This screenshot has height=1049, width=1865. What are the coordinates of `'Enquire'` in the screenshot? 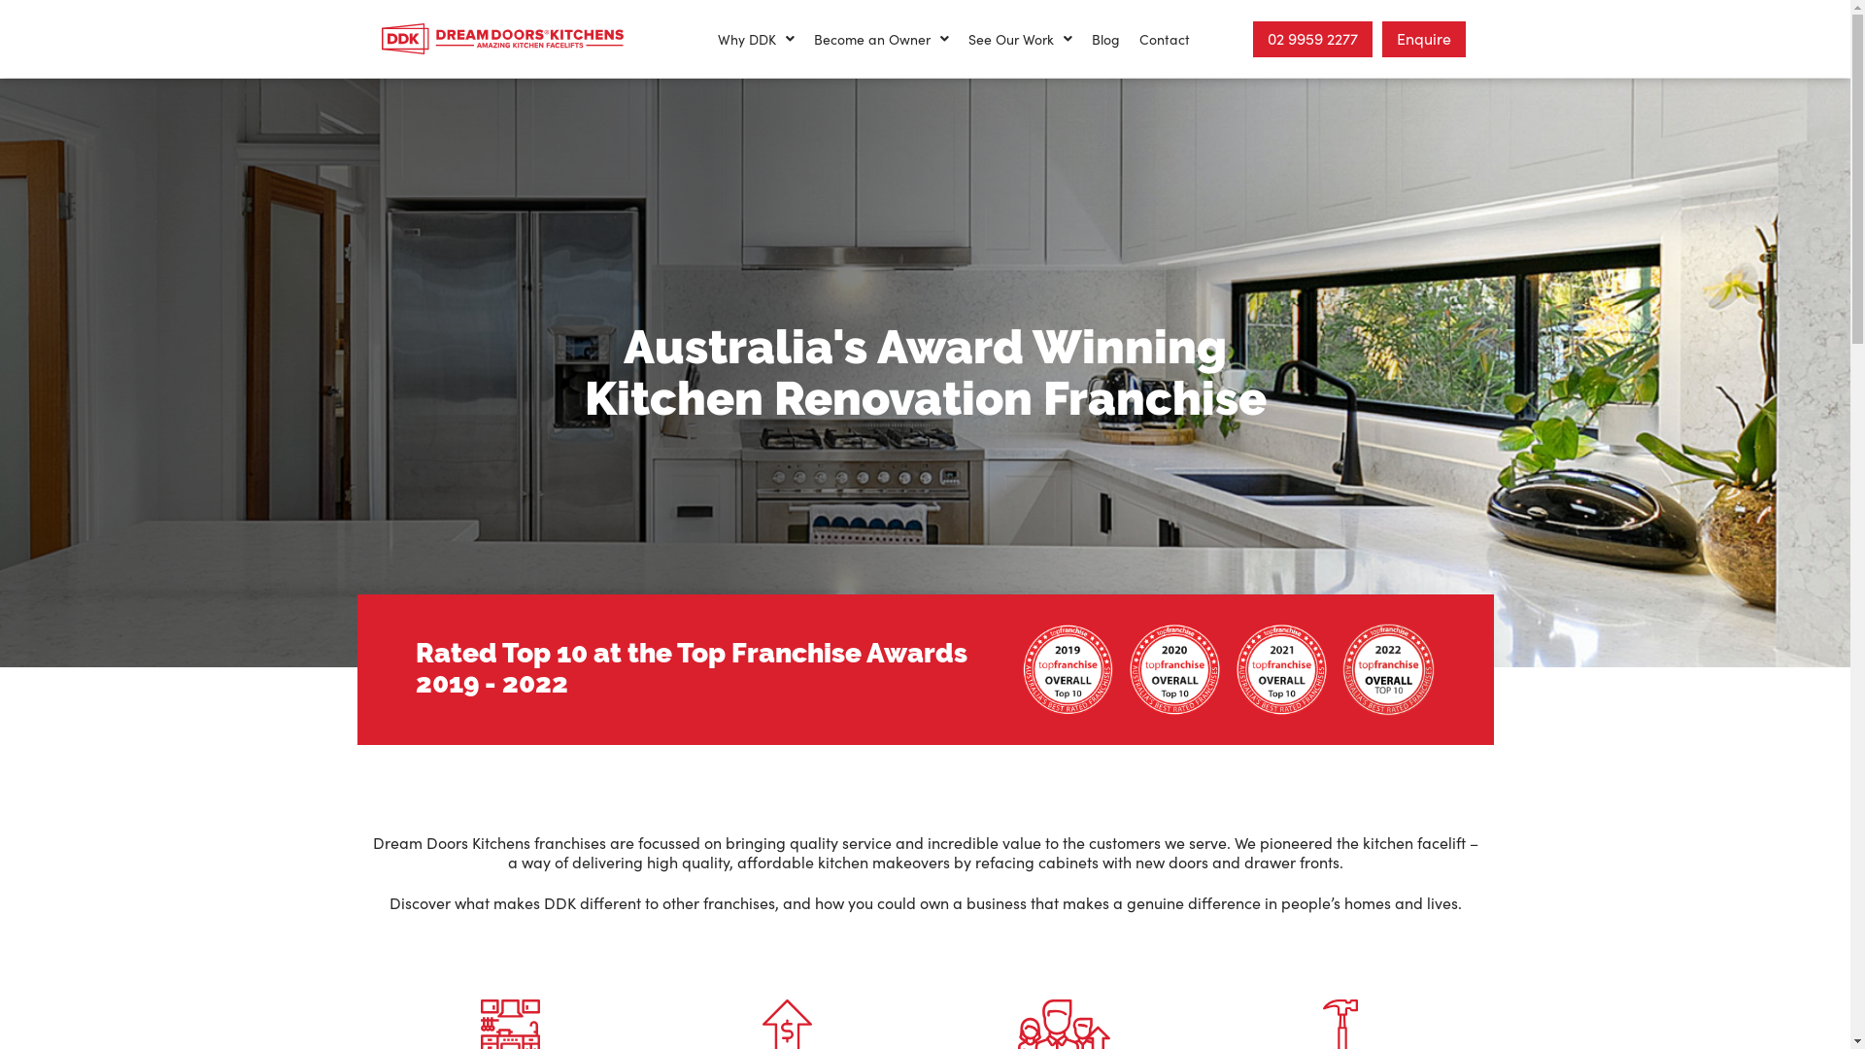 It's located at (1423, 39).